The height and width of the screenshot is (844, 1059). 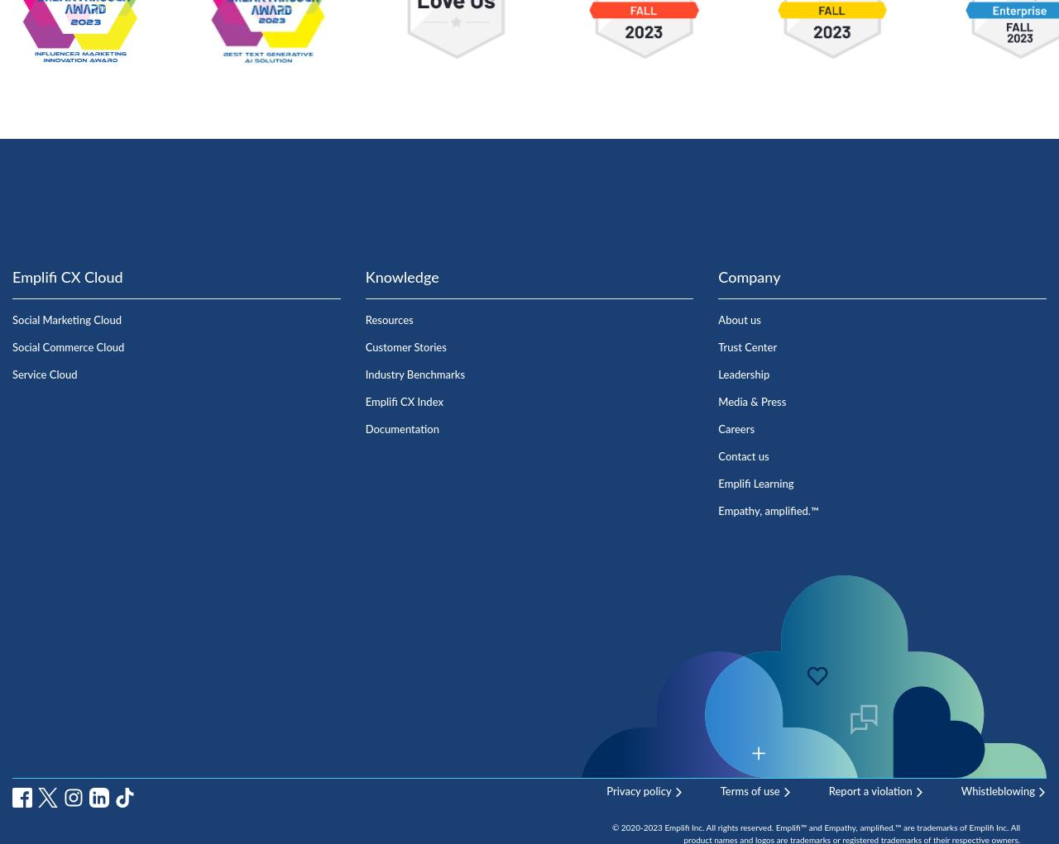 What do you see at coordinates (997, 790) in the screenshot?
I see `'Whistleblowing'` at bounding box center [997, 790].